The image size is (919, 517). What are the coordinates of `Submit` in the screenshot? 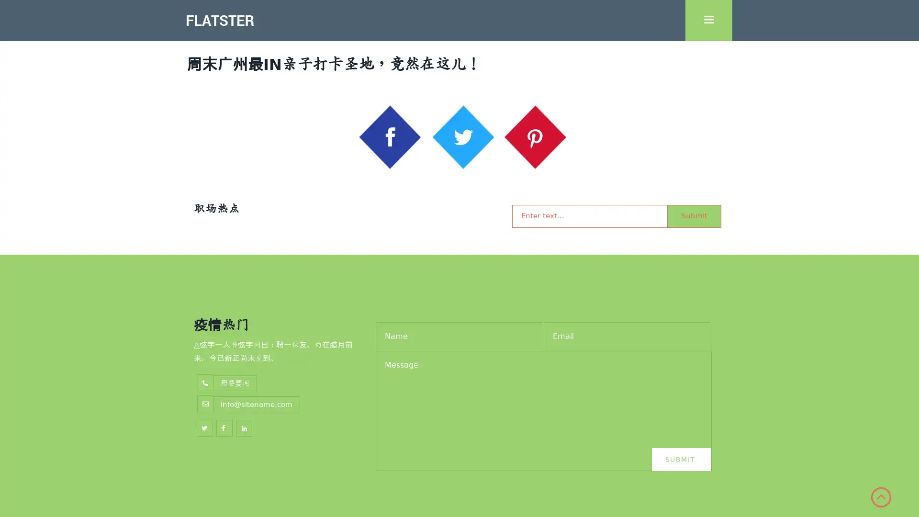 It's located at (681, 459).